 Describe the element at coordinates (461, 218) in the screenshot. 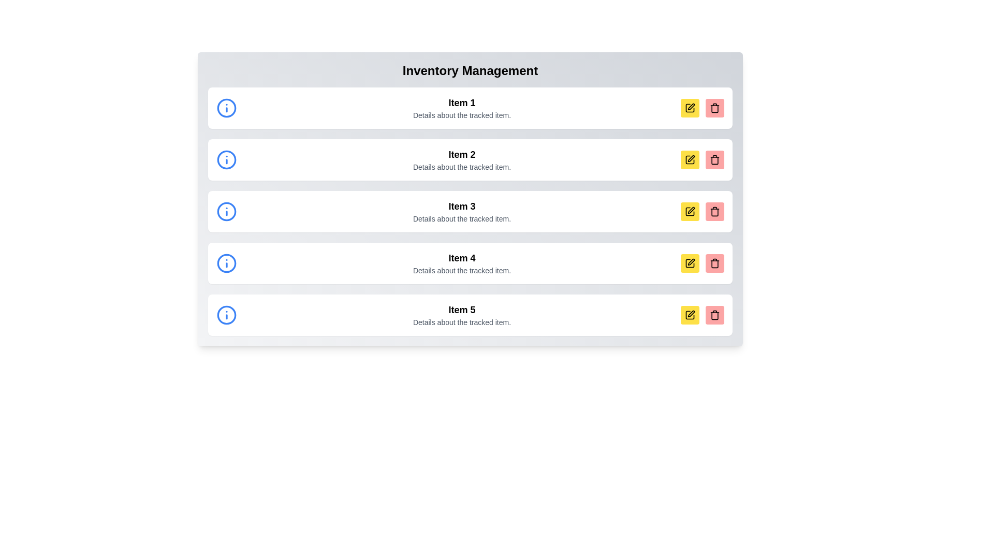

I see `the text element that states 'Details about the tracked item.' located beneath 'Item 3' in the third row of a vertical stack of items` at that location.